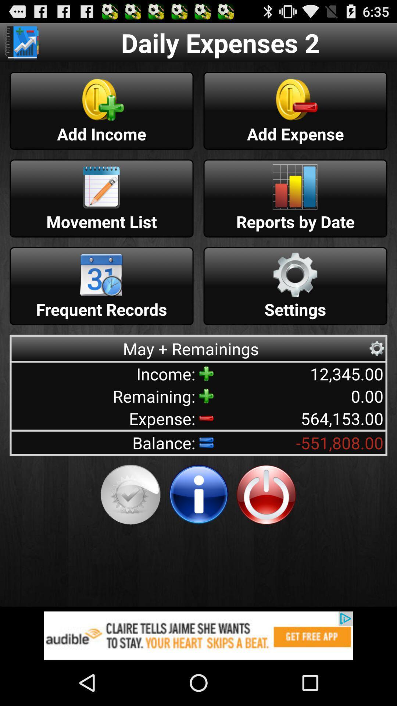 This screenshot has height=706, width=397. What do you see at coordinates (130, 495) in the screenshot?
I see `confirm selection` at bounding box center [130, 495].